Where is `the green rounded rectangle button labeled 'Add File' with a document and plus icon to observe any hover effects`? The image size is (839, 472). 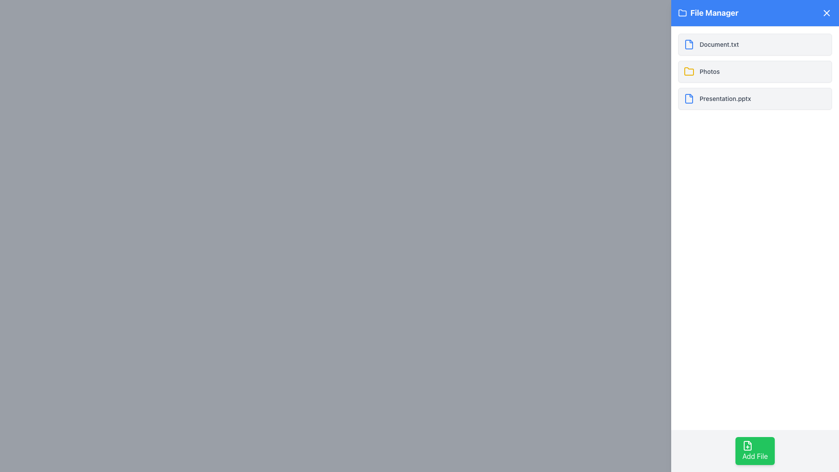
the green rounded rectangle button labeled 'Add File' with a document and plus icon to observe any hover effects is located at coordinates (755, 451).